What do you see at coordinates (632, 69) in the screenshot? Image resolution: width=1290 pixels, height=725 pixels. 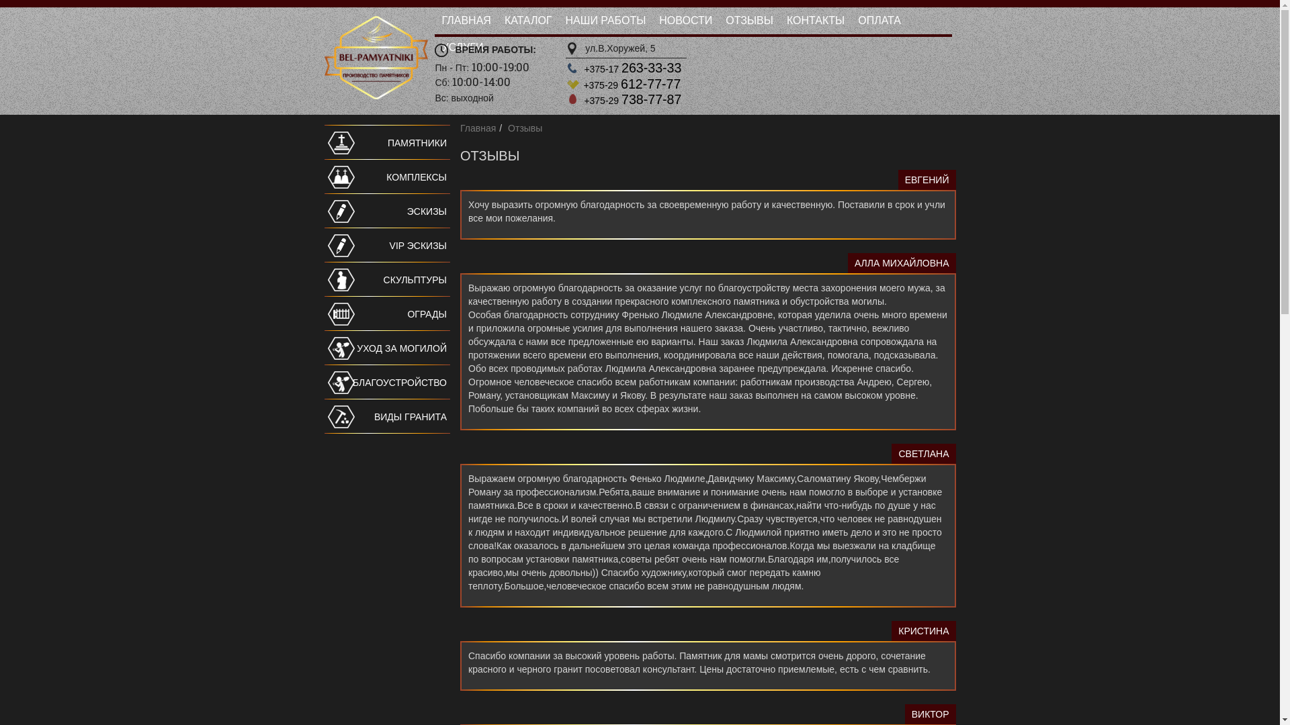 I see `'+375-17 263-33-33'` at bounding box center [632, 69].